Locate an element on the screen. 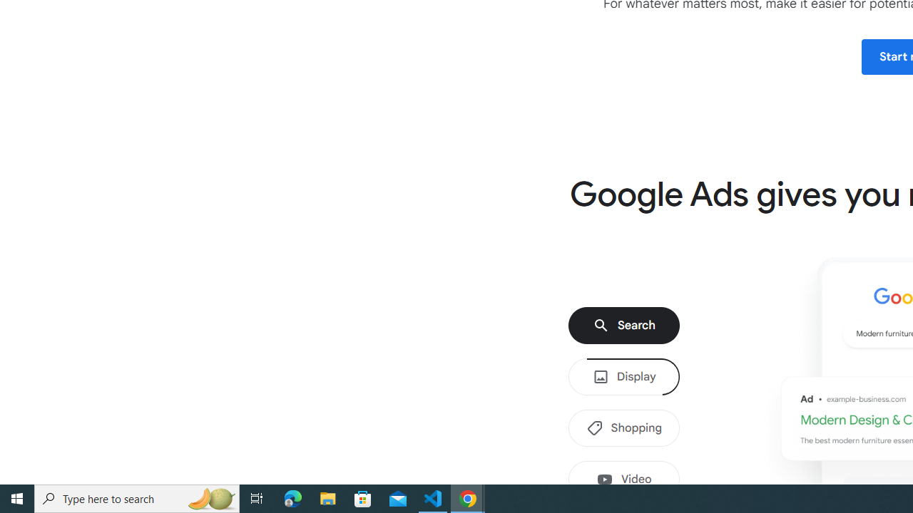 The height and width of the screenshot is (513, 913). 'Search - Selected, more information after list' is located at coordinates (623, 326).